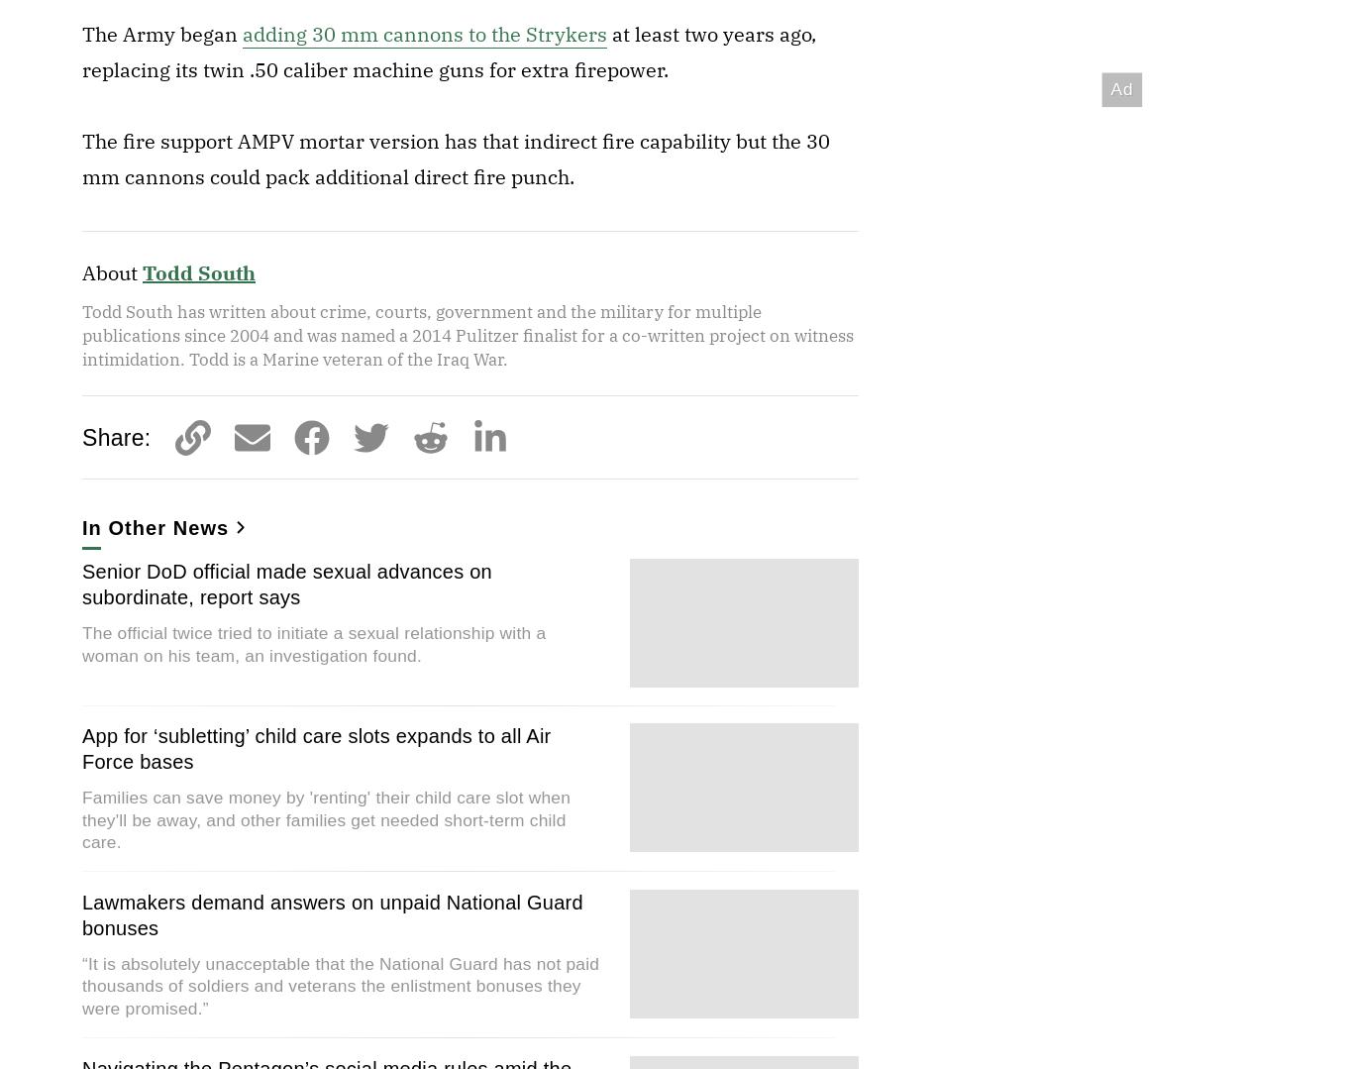  What do you see at coordinates (154, 528) in the screenshot?
I see `'In Other News'` at bounding box center [154, 528].